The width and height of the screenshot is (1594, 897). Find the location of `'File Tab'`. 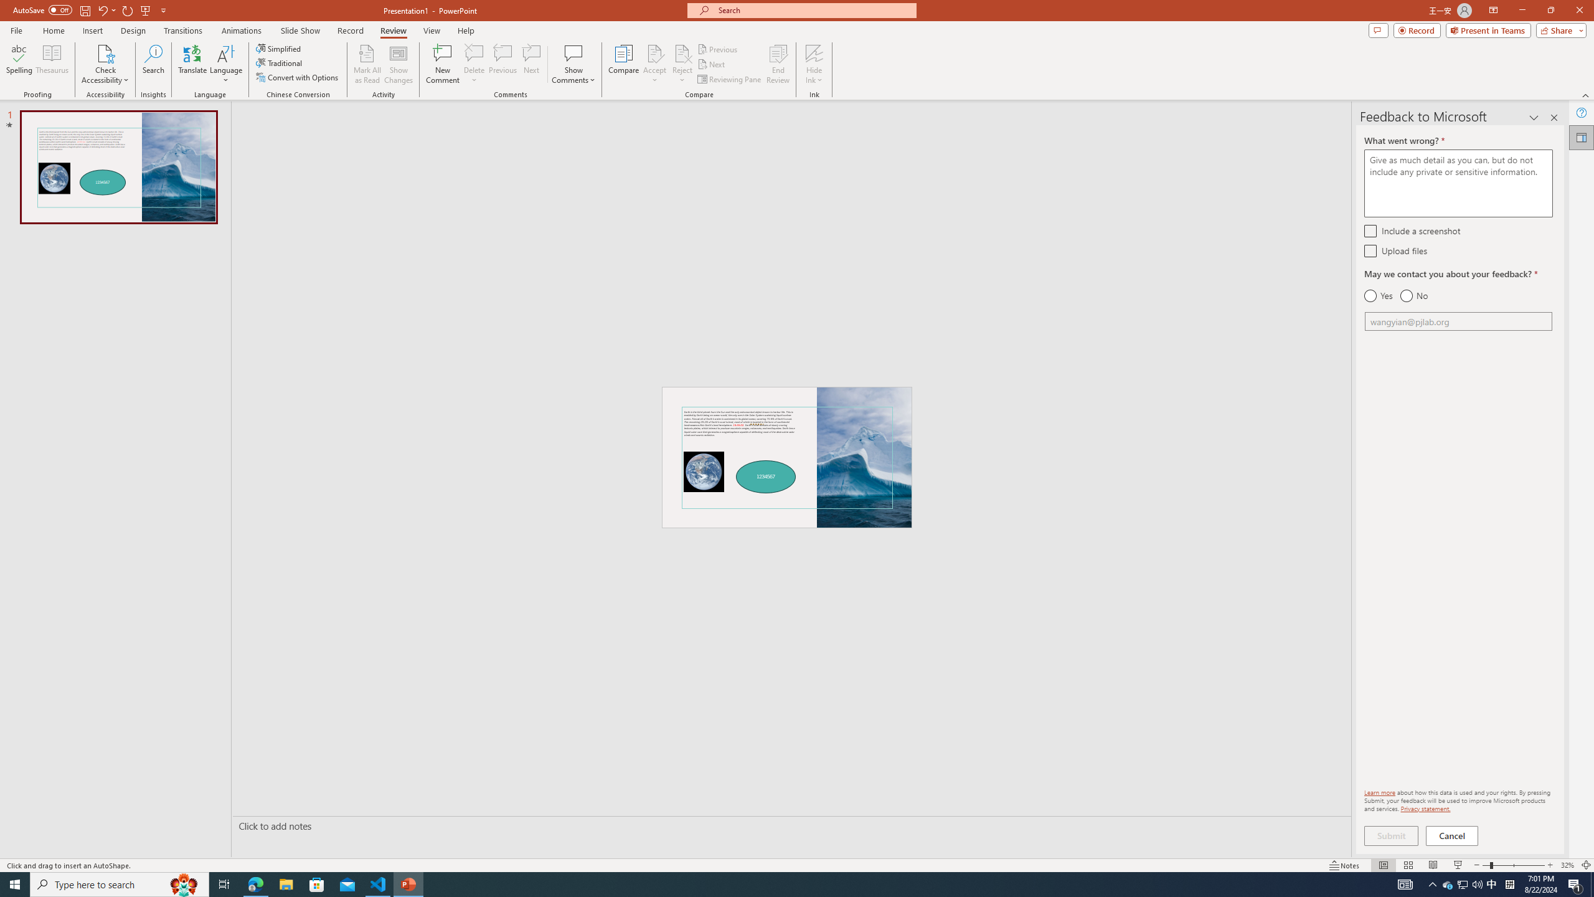

'File Tab' is located at coordinates (16, 29).